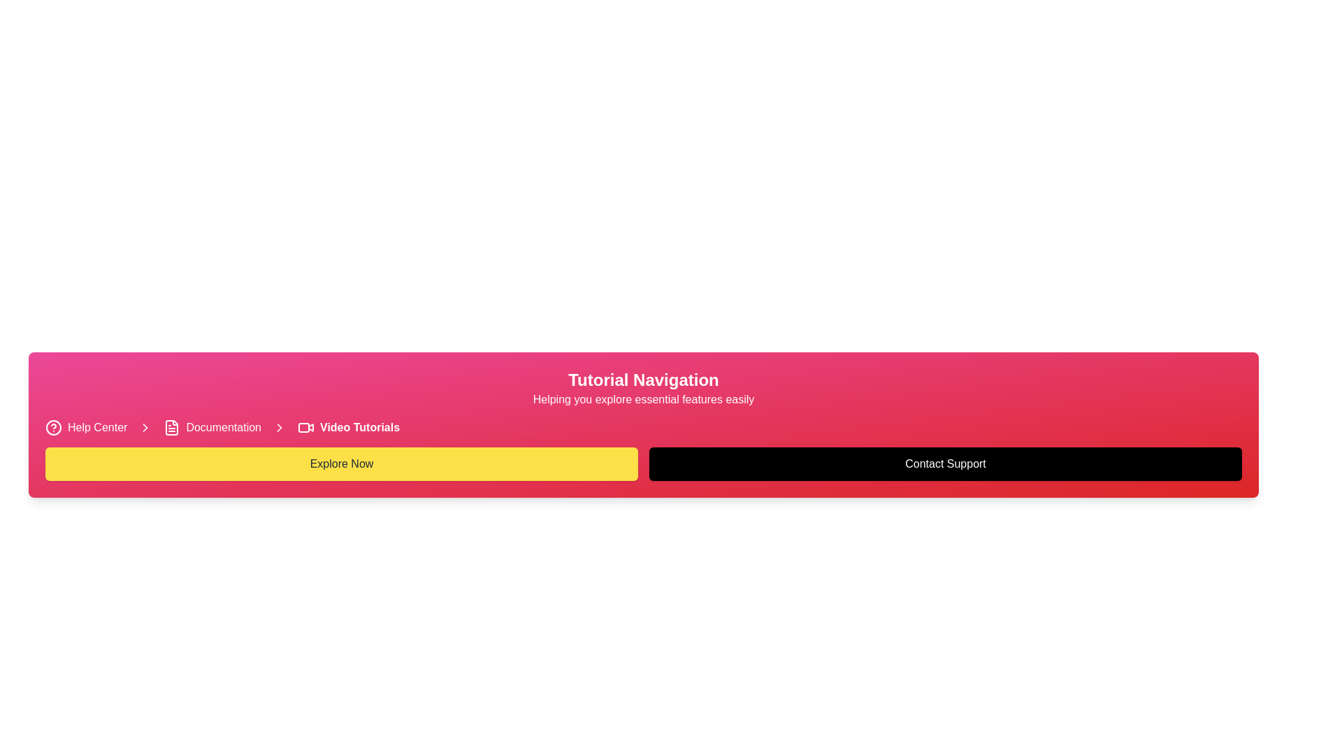 Image resolution: width=1342 pixels, height=755 pixels. I want to click on the hyperlink located between the document icon and the 'Video Tutorials' link in the navigation section to observe the underline effect, so click(224, 427).